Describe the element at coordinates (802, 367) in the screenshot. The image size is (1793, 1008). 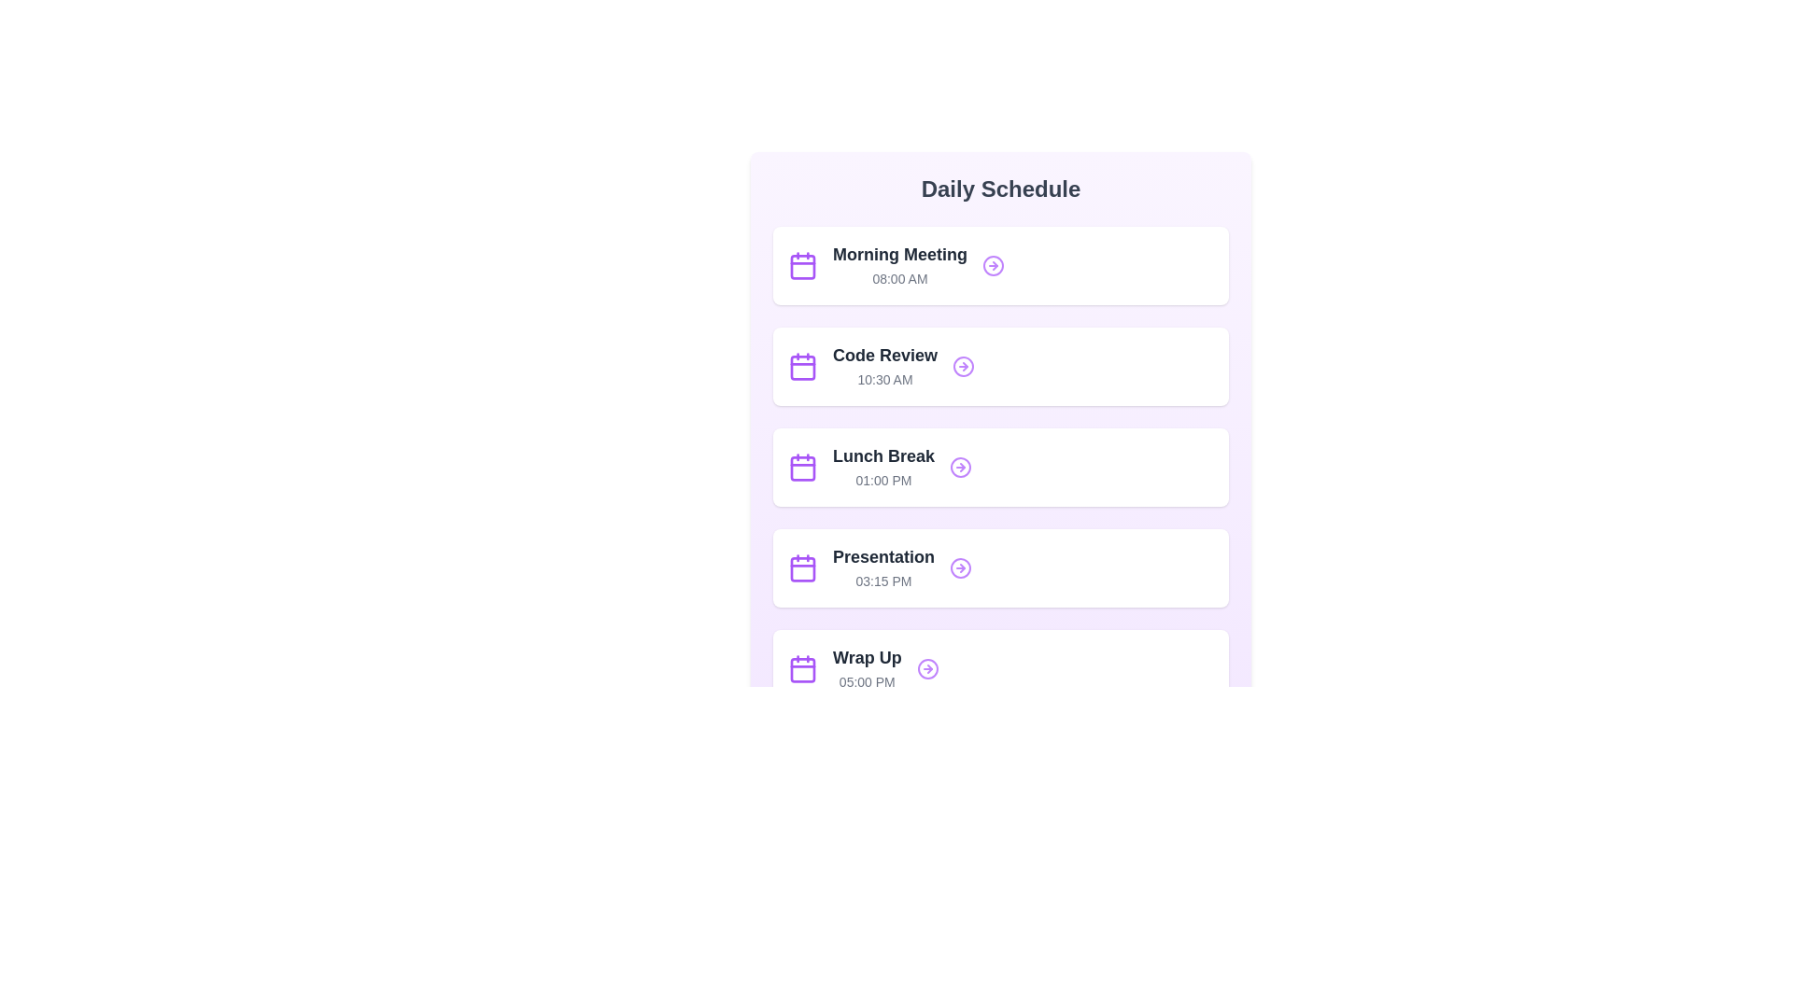
I see `the purple calendar icon located to the left of the 'Code Review' text within the second card in the list view` at that location.